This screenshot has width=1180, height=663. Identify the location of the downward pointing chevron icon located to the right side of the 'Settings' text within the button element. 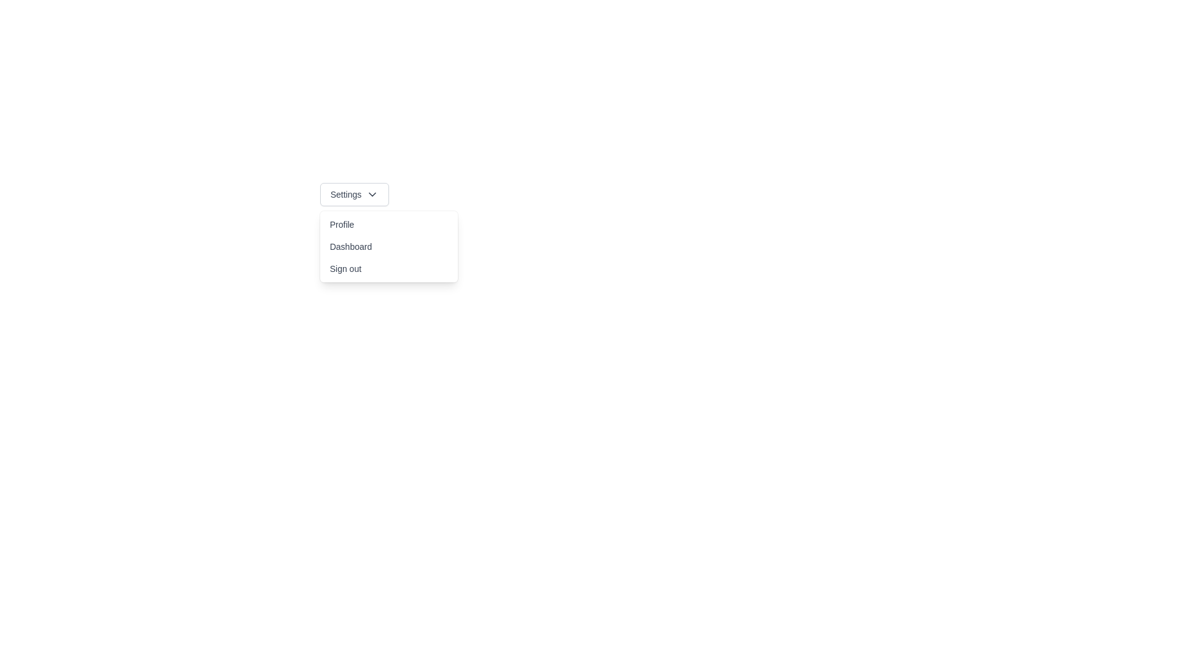
(371, 193).